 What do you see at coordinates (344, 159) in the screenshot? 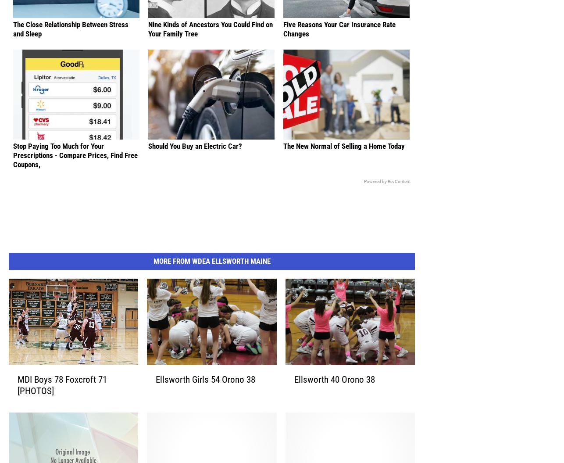
I see `'The New Normal of Selling a Home Today'` at bounding box center [344, 159].